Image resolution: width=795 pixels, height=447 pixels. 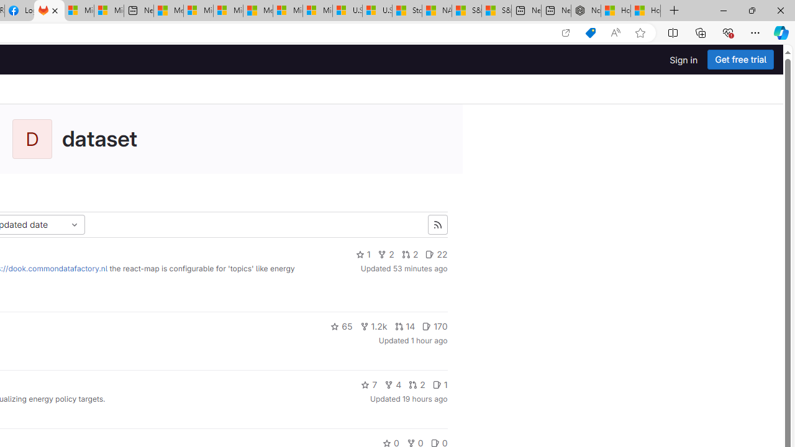 I want to click on 'Class: s16 gl-icon gl-button-icon ', so click(x=437, y=225).